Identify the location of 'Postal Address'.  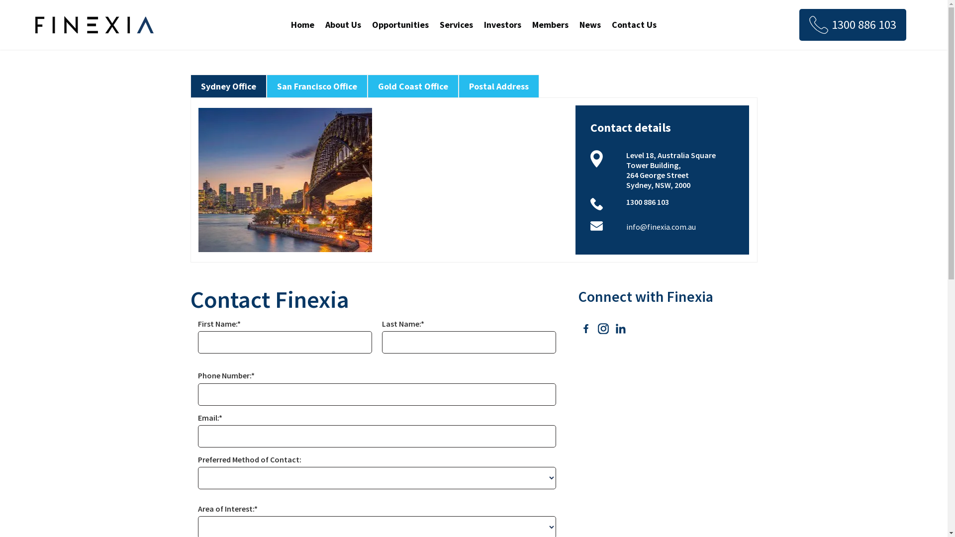
(498, 86).